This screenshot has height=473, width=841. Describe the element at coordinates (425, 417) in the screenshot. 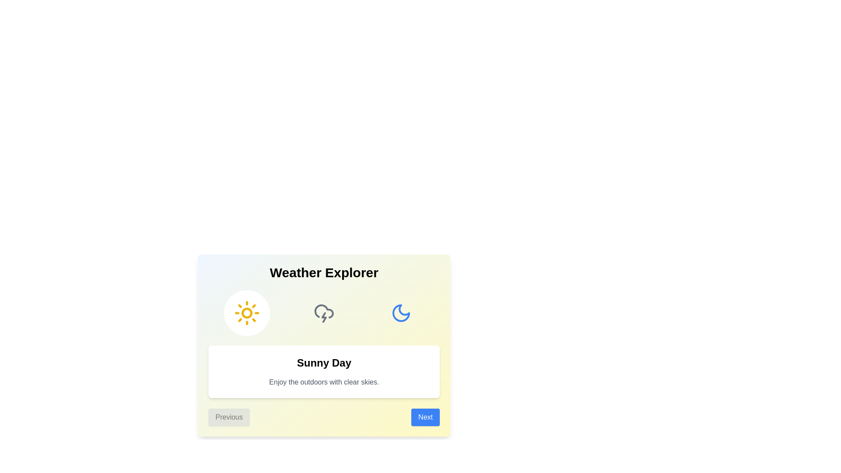

I see `the 'Next' button to navigate to the next weather state` at that location.